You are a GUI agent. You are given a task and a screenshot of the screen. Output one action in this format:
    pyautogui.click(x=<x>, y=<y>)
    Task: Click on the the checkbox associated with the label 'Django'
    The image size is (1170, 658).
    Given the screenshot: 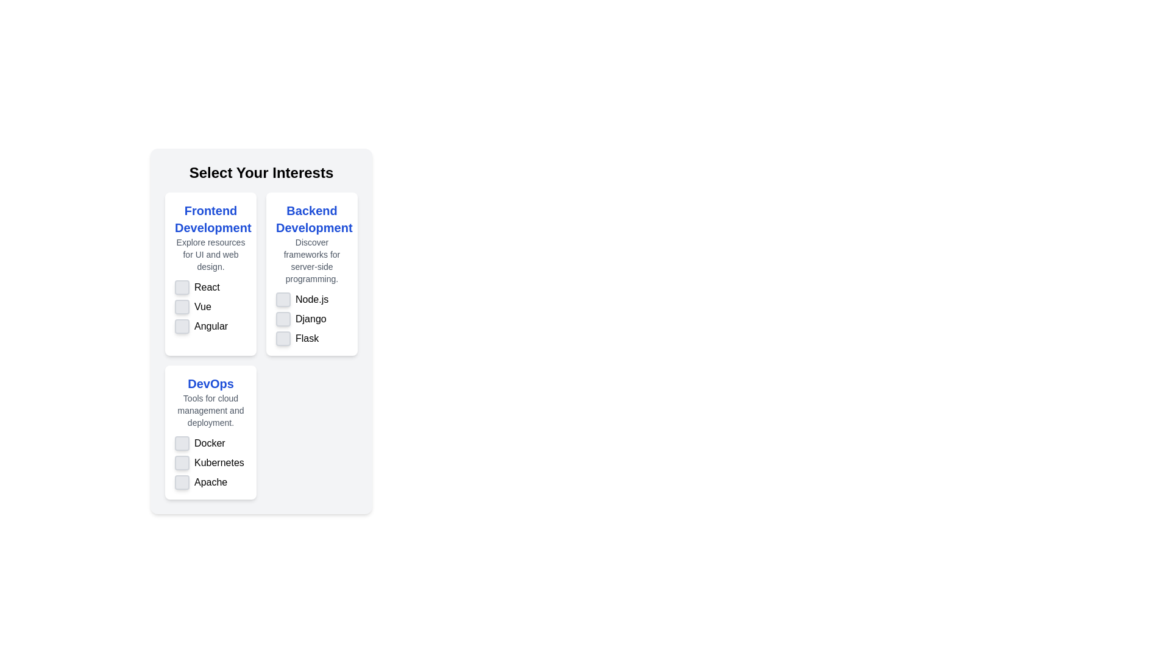 What is the action you would take?
    pyautogui.click(x=312, y=319)
    